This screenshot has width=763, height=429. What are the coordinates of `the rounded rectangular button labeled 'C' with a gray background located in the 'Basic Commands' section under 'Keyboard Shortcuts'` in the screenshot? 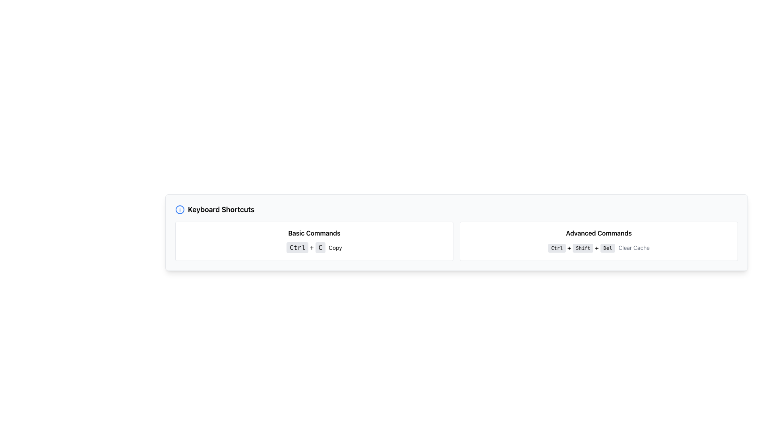 It's located at (320, 247).